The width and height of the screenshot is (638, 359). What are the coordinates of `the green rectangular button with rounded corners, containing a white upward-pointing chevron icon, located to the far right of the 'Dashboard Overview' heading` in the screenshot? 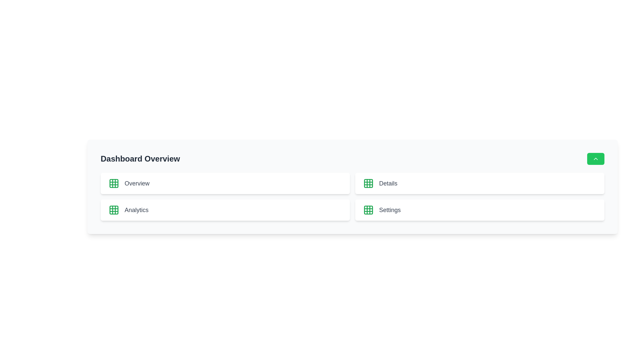 It's located at (596, 159).